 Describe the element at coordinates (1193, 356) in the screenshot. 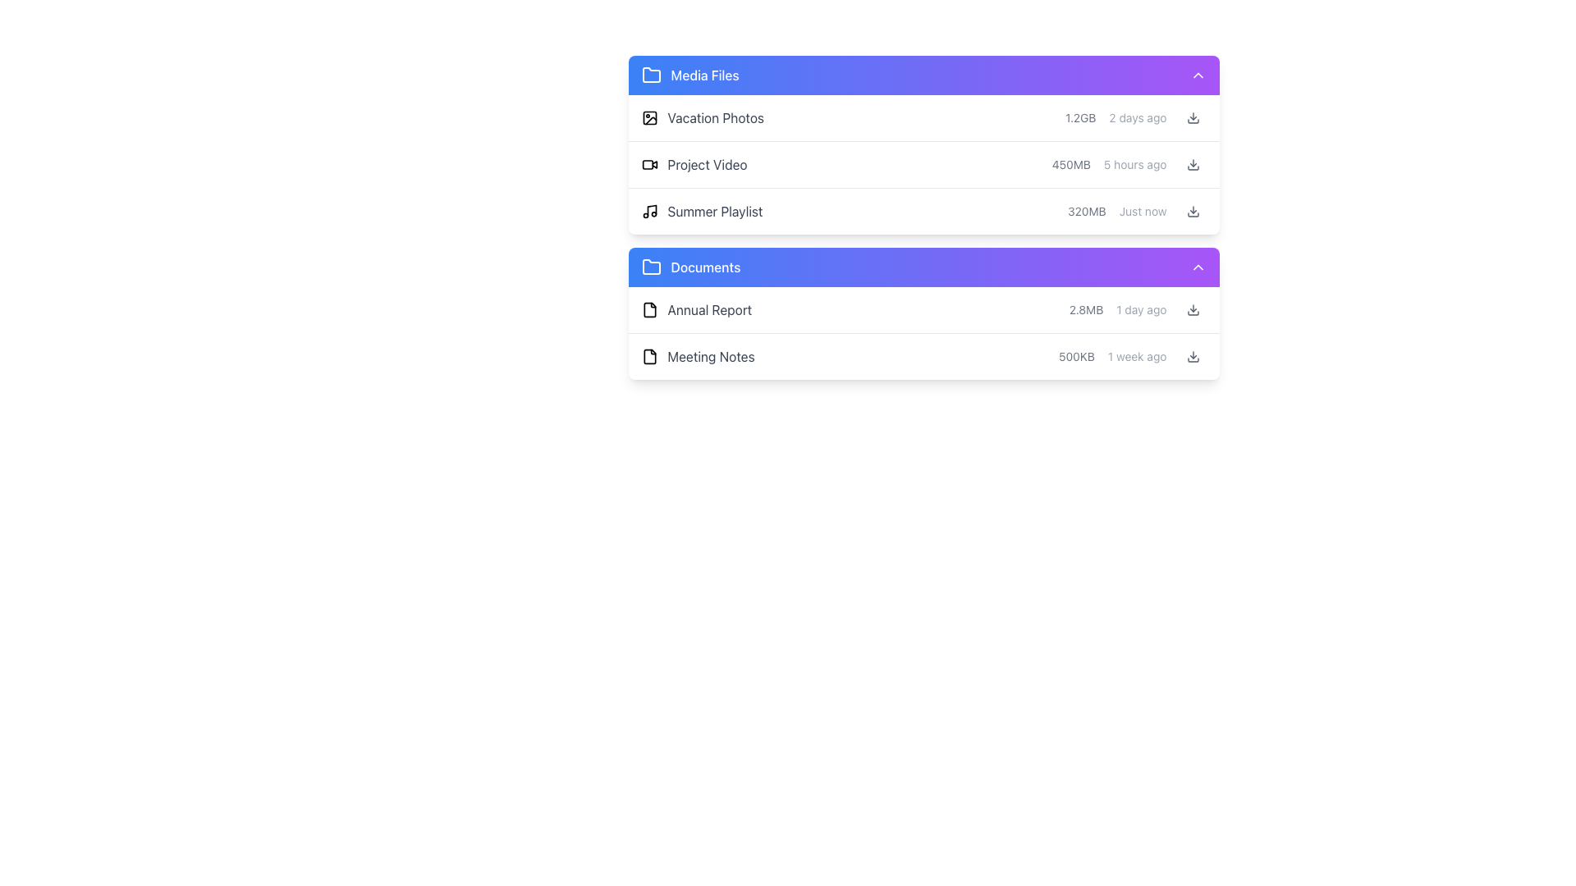

I see `the circular button with a downward-facing arrow icon, located to the far right of the row containing '500KB' and '1 week ago', to initiate a download` at that location.